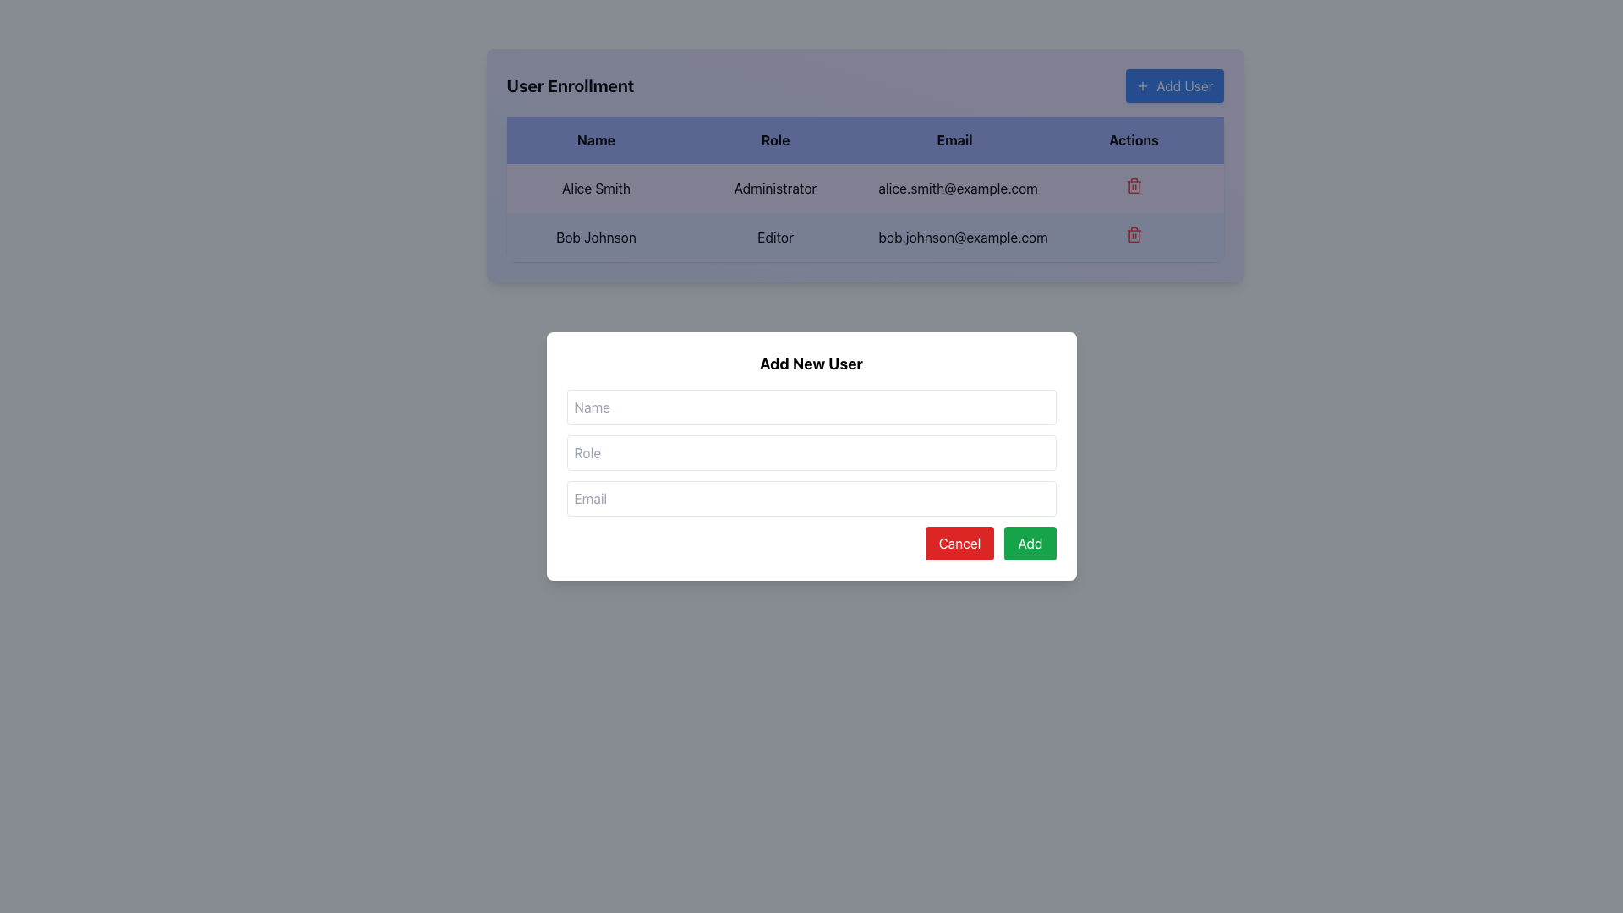 This screenshot has width=1623, height=913. I want to click on the 'Add User' button located in the top-right corner of the 'User Enrollment' header section, so click(1173, 85).